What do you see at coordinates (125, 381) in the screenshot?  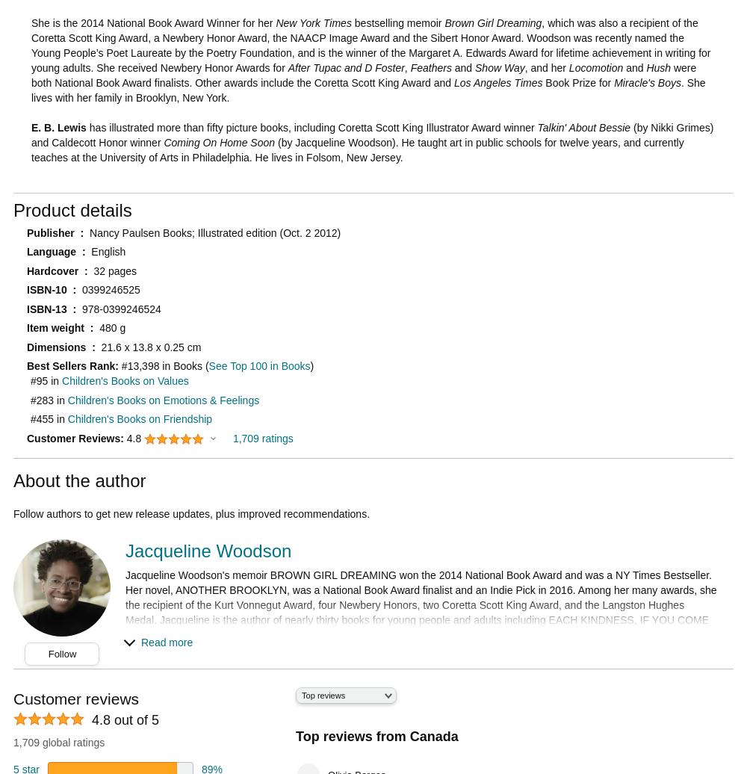 I see `'Children's Books on Values'` at bounding box center [125, 381].